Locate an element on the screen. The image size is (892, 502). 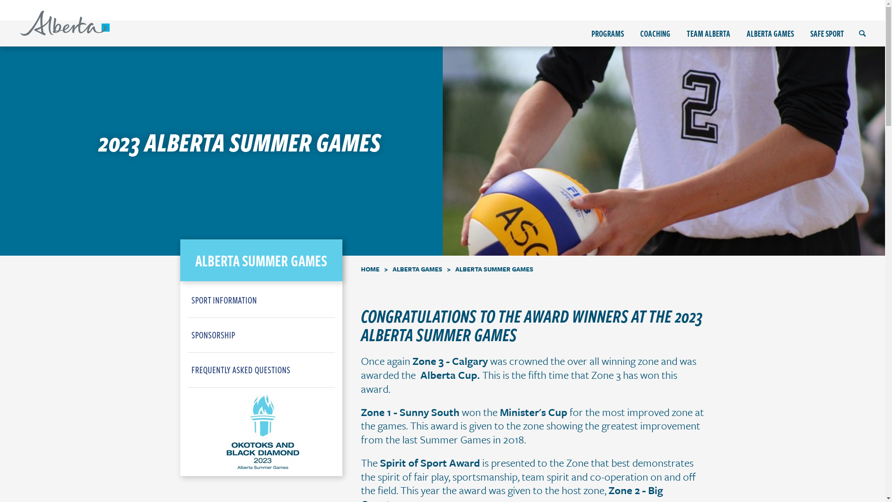
'ALBERTA GAMES' is located at coordinates (417, 269).